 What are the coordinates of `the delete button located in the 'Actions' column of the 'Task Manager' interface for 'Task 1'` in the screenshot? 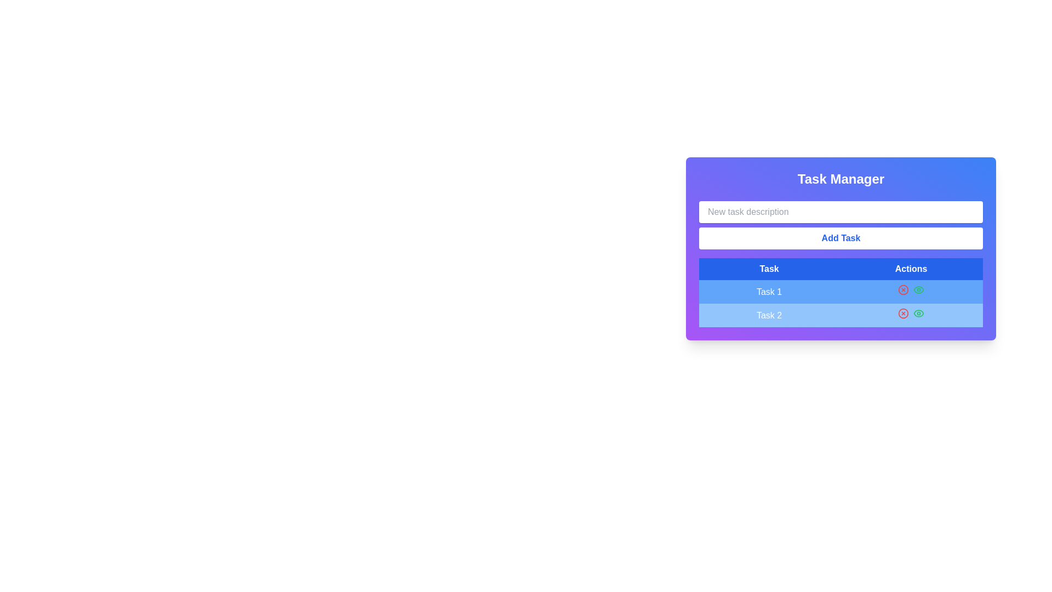 It's located at (904, 289).